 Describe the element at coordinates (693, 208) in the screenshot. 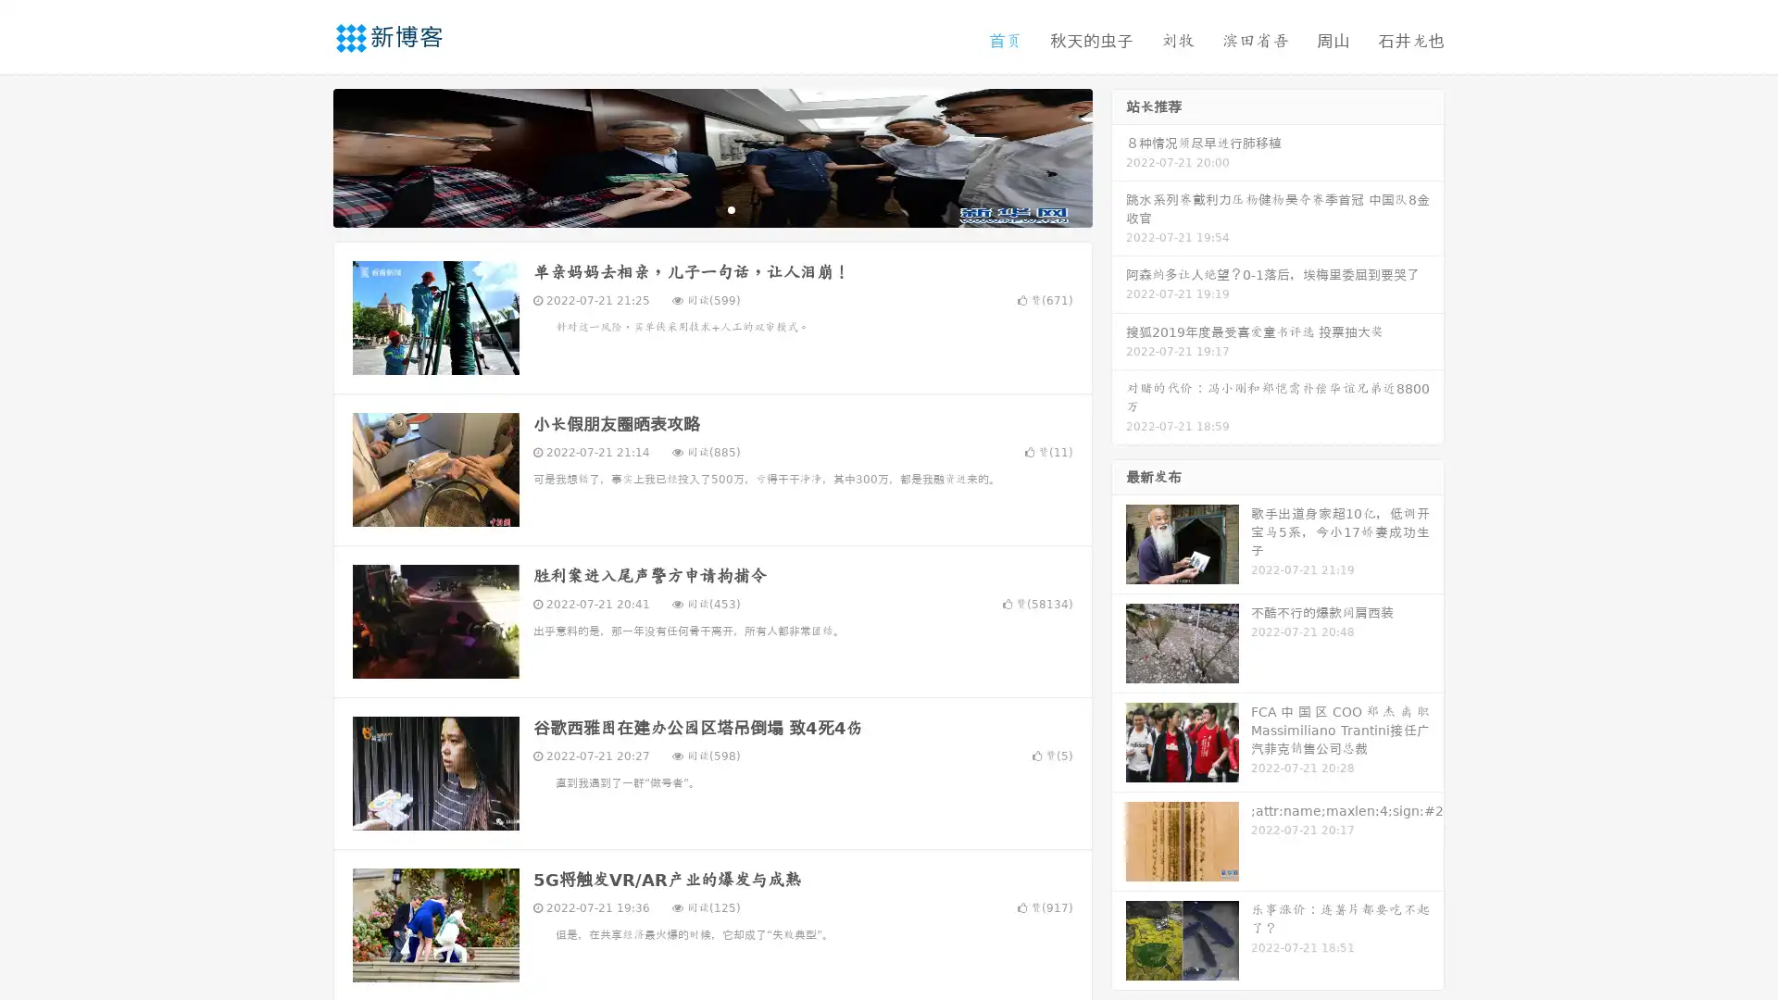

I see `Go to slide 1` at that location.